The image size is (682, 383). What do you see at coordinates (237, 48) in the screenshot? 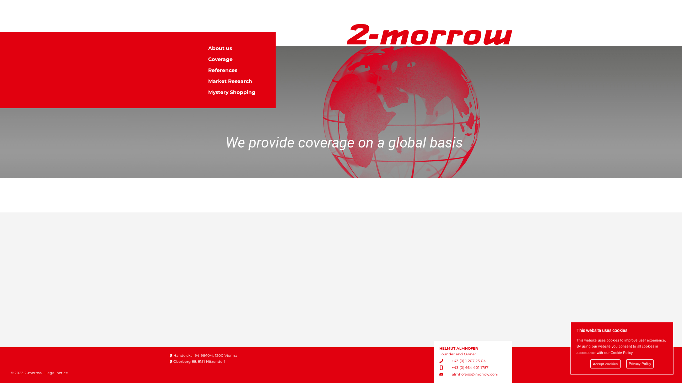
I see `'About us'` at bounding box center [237, 48].